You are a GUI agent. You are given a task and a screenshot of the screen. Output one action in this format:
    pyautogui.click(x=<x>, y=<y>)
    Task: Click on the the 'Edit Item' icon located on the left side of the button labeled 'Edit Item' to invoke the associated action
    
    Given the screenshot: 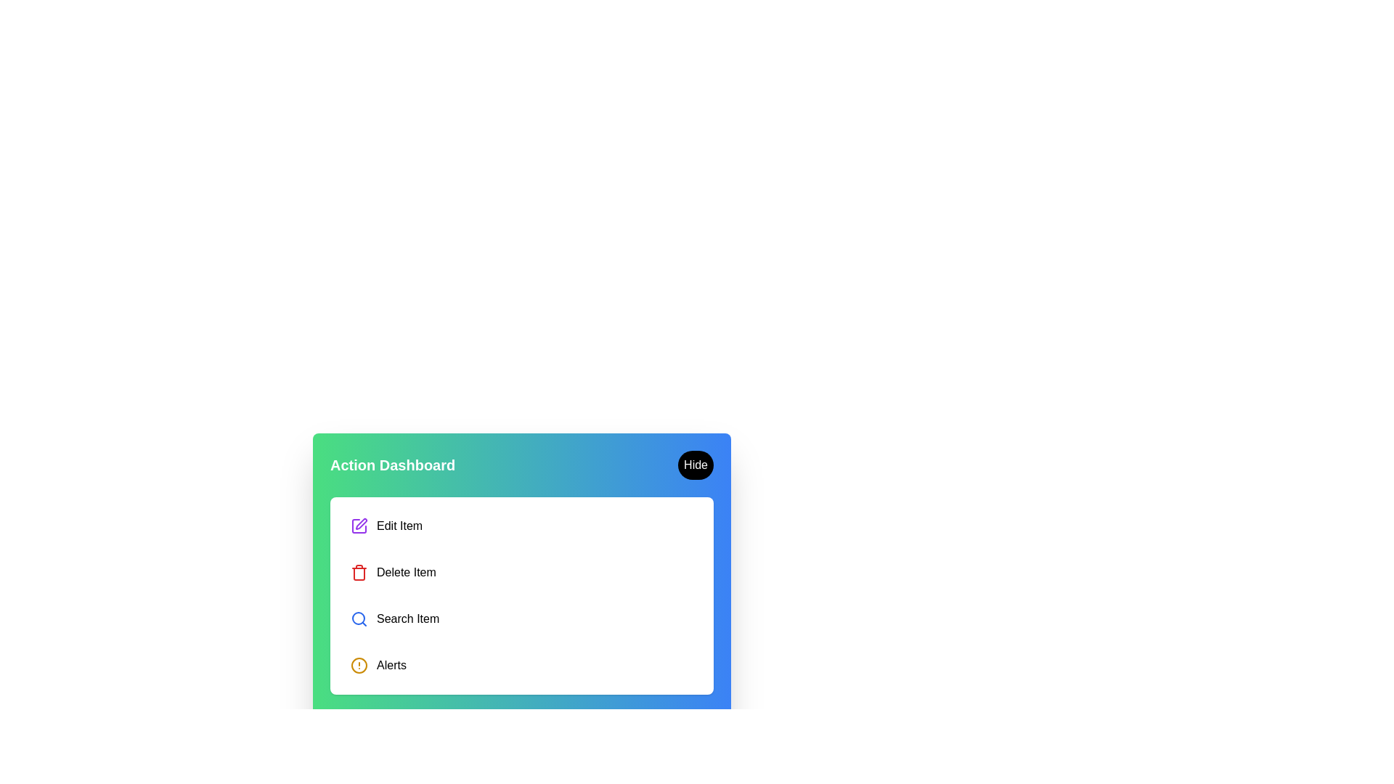 What is the action you would take?
    pyautogui.click(x=359, y=526)
    